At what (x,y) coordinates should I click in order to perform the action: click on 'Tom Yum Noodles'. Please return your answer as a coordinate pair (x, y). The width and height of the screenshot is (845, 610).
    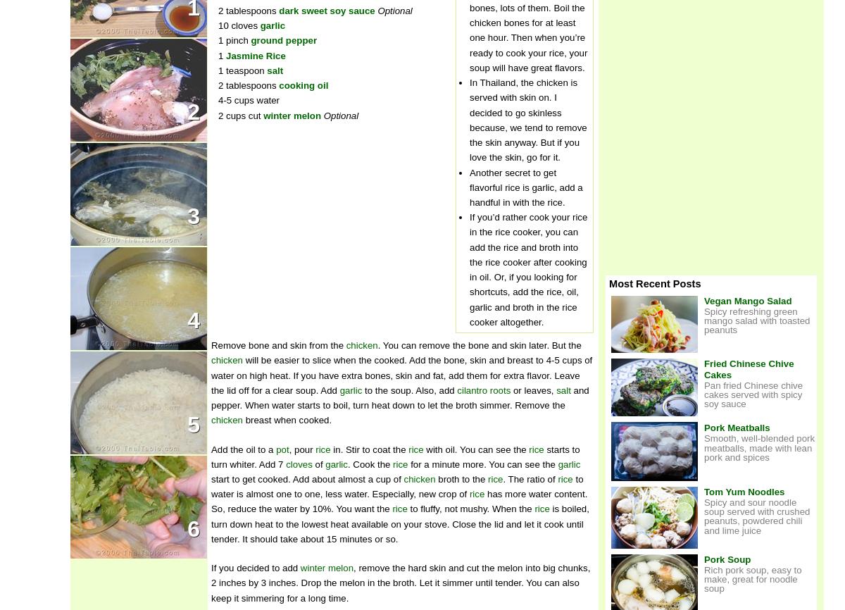
    Looking at the image, I should click on (743, 490).